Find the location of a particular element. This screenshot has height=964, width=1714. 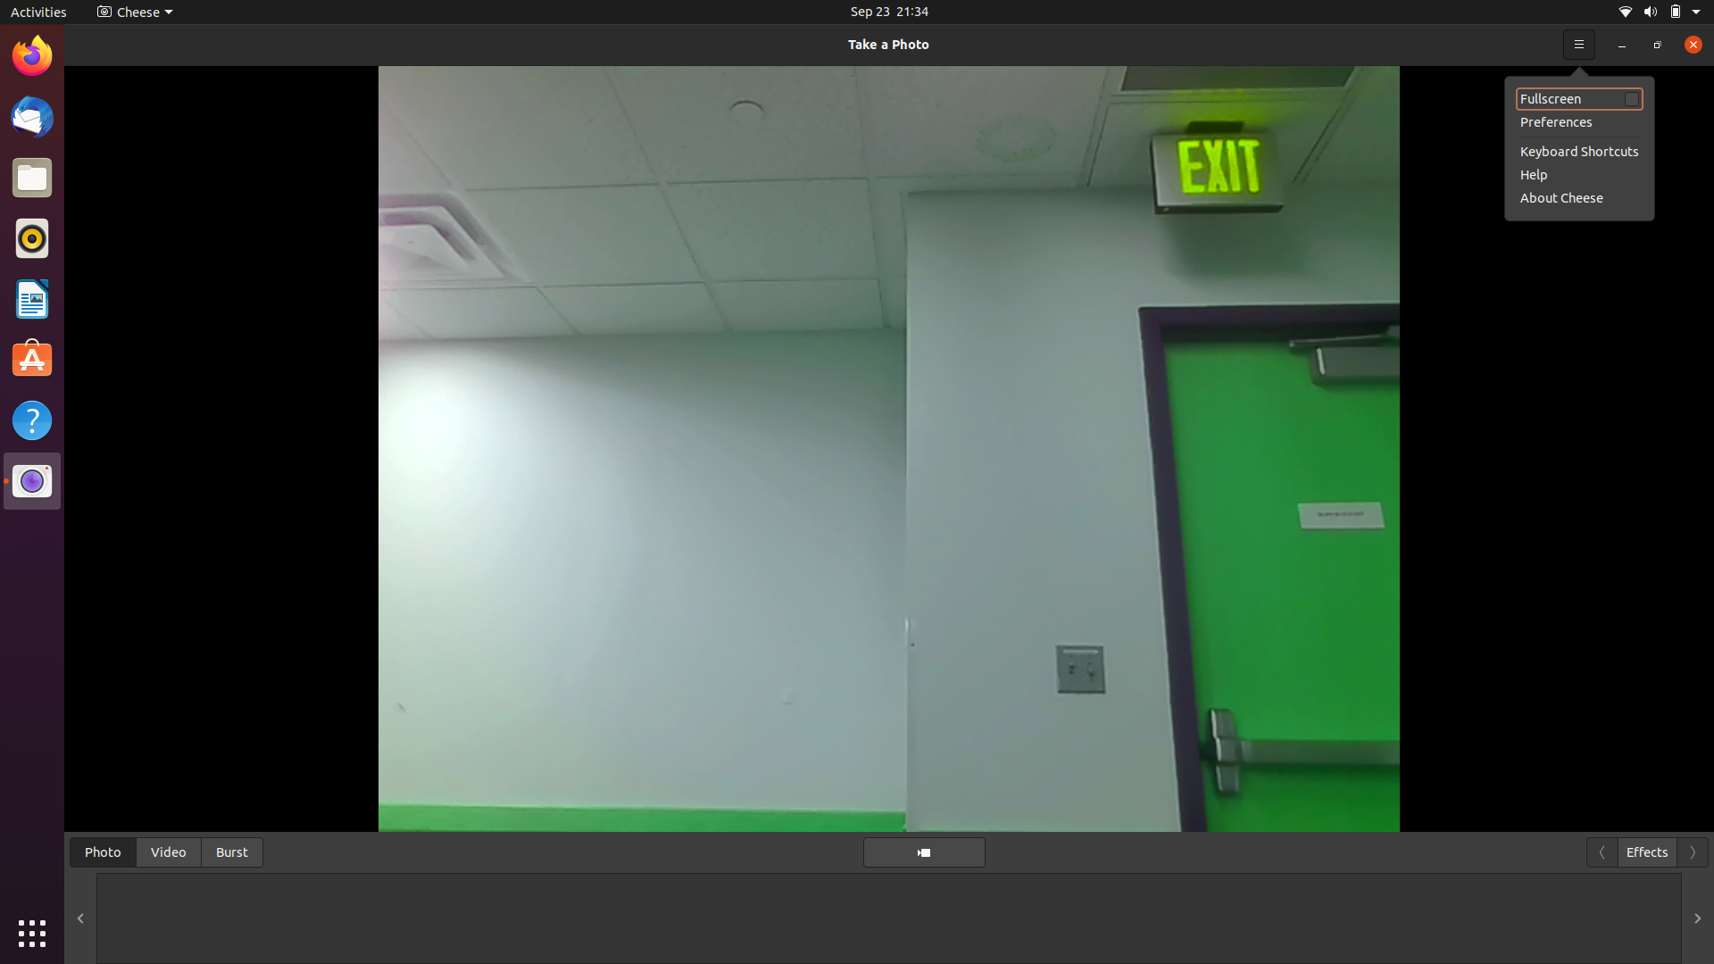

Switch the camera view to fullscreen mode is located at coordinates (1579, 42).